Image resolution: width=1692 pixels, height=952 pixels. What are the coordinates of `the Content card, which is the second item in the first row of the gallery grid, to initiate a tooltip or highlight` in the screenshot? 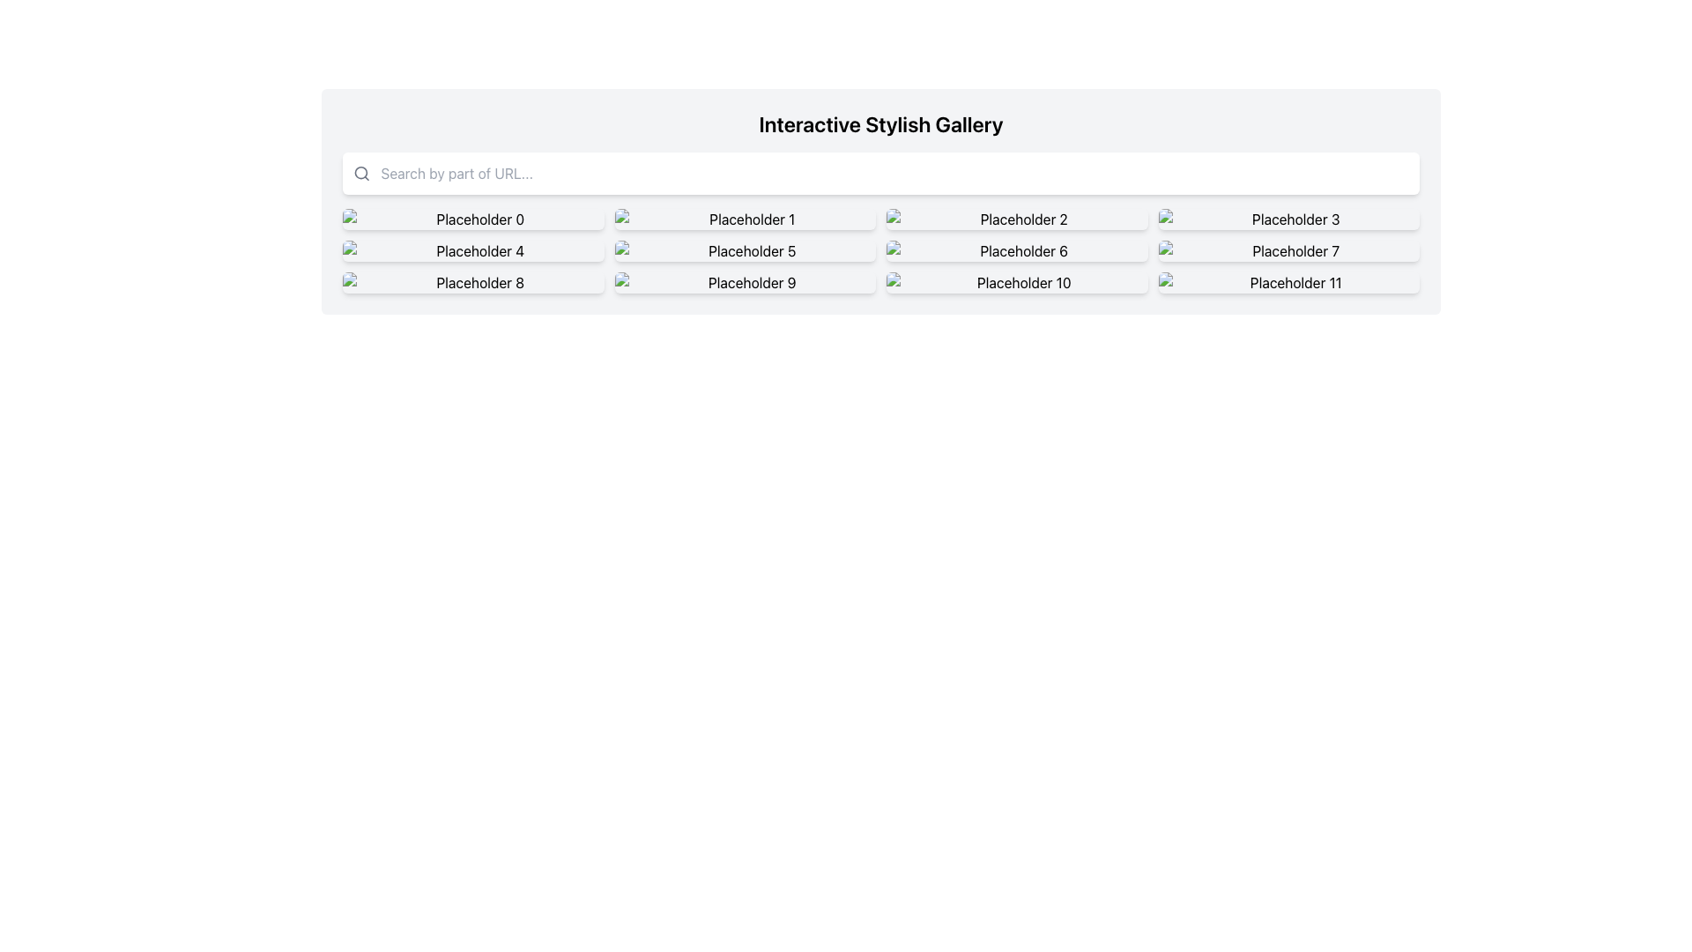 It's located at (745, 219).